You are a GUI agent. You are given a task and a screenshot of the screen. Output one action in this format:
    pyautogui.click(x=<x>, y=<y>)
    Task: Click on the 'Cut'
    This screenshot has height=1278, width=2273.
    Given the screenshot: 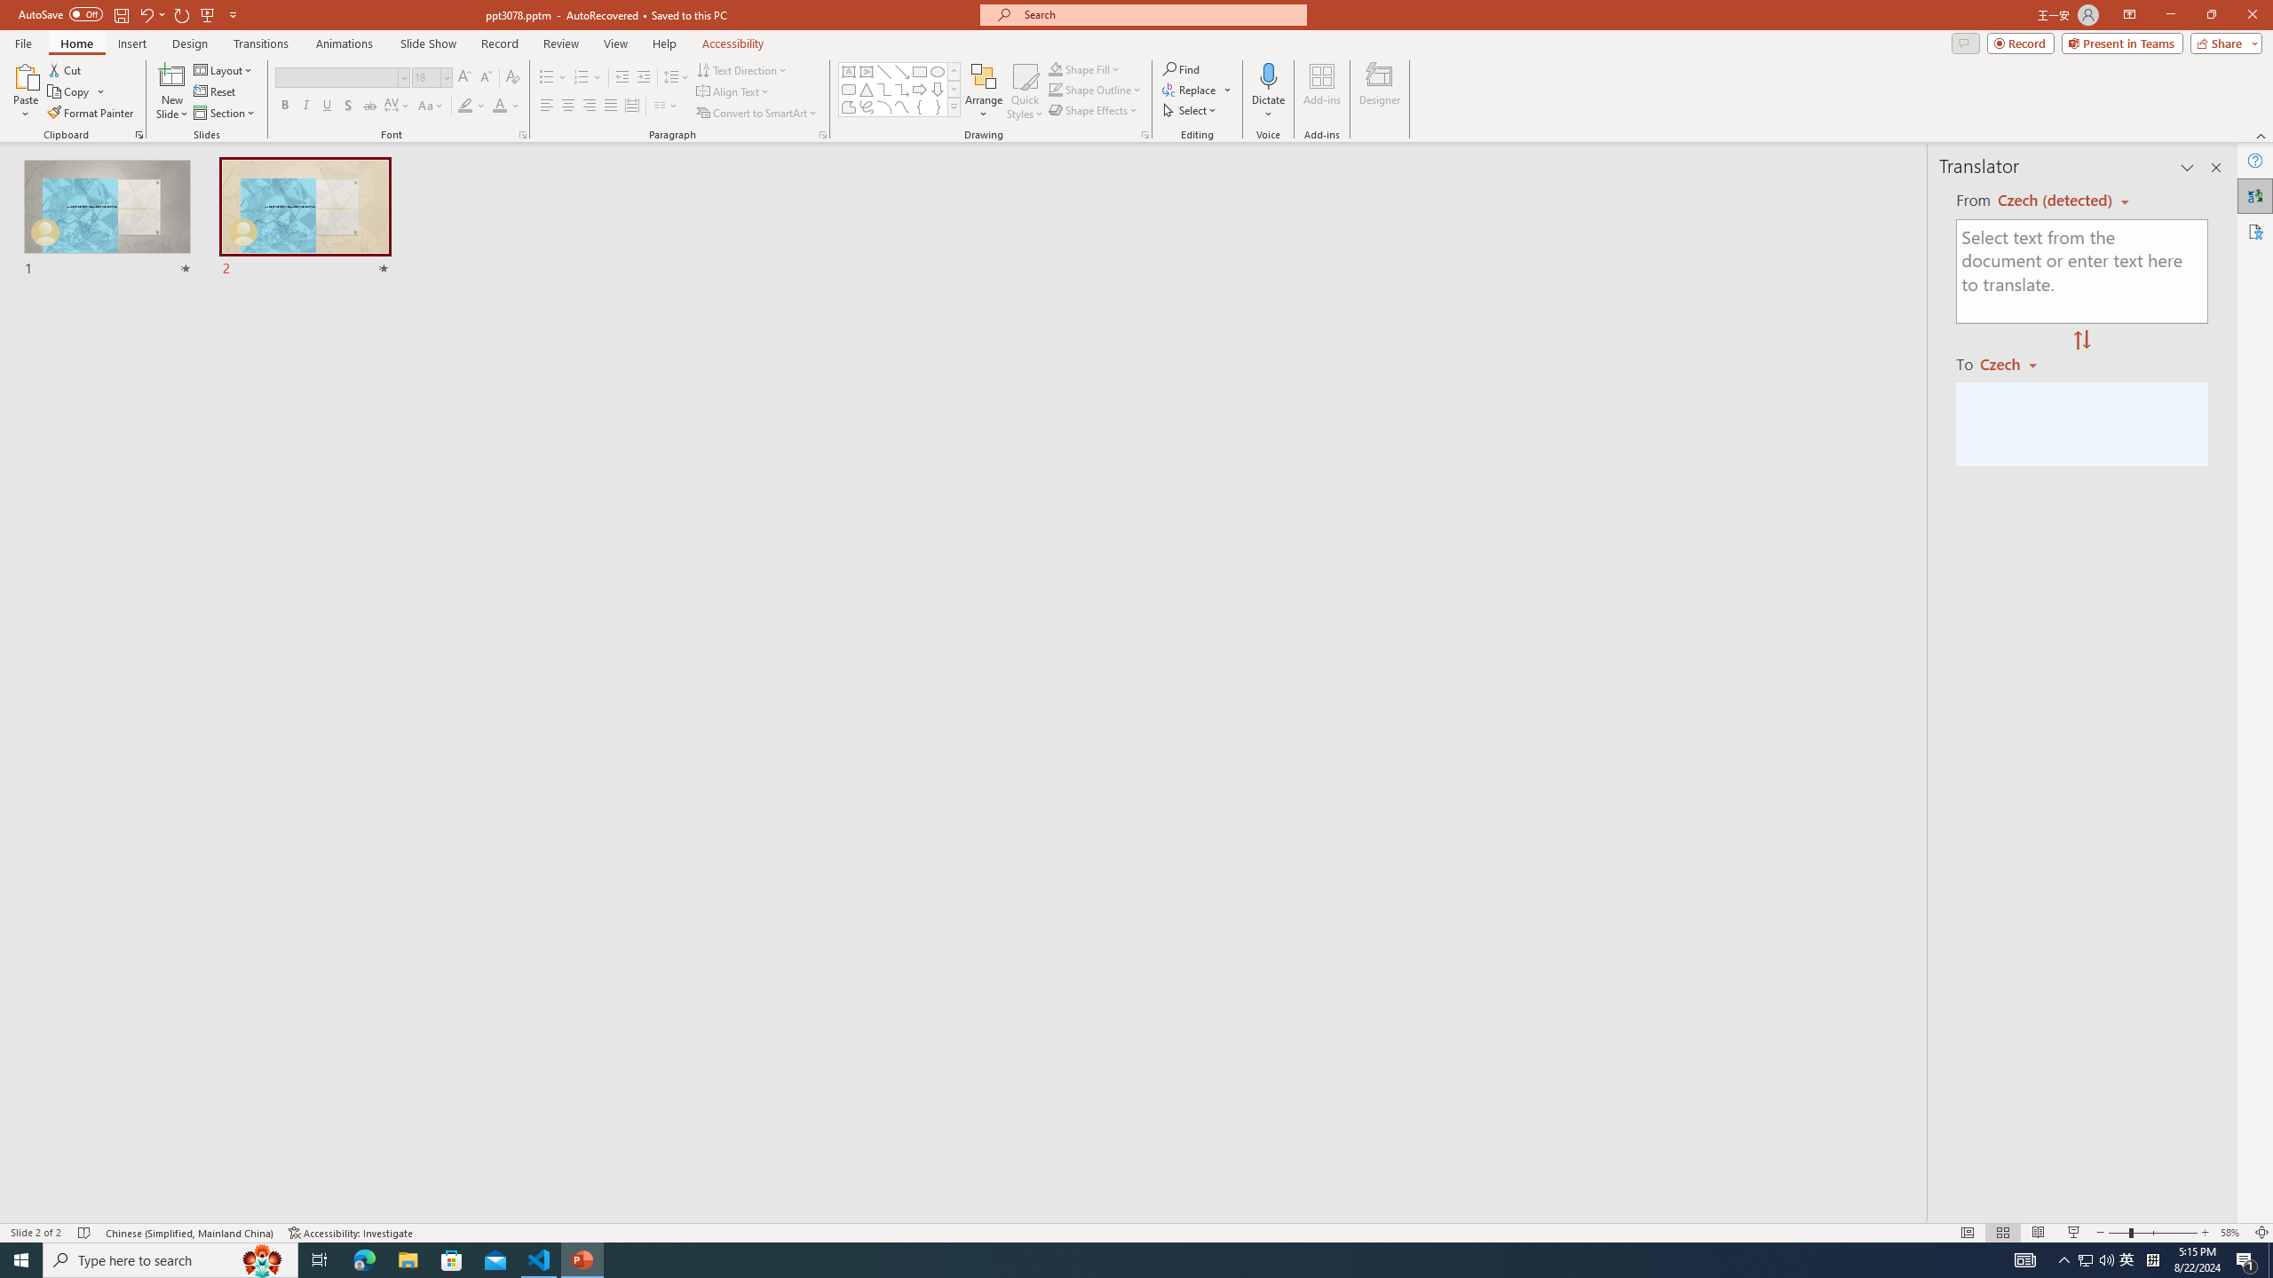 What is the action you would take?
    pyautogui.click(x=65, y=69)
    